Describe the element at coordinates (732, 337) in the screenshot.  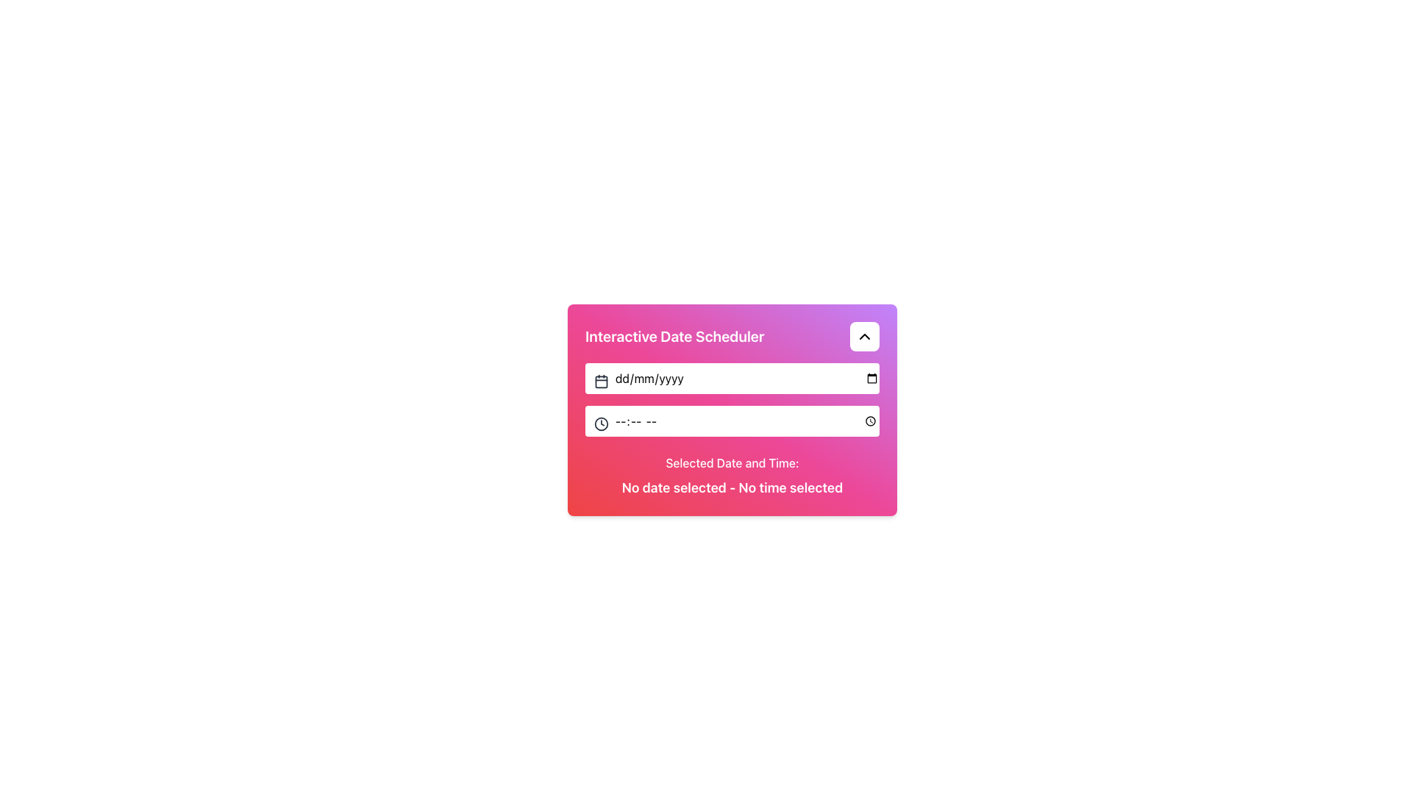
I see `the Header bar containing the text 'Interactive Date Scheduler' and the upward chevron icon, located at the top of the interactive card` at that location.